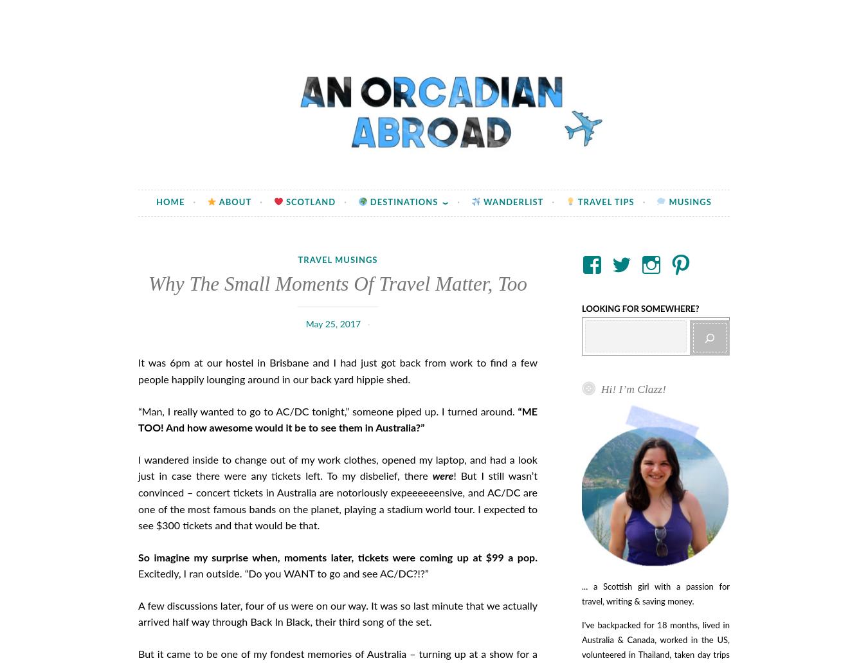 The width and height of the screenshot is (868, 663). Describe the element at coordinates (337, 557) in the screenshot. I see `'So imagine my surprise when, moments later, tickets were coming up at $99 a pop.'` at that location.